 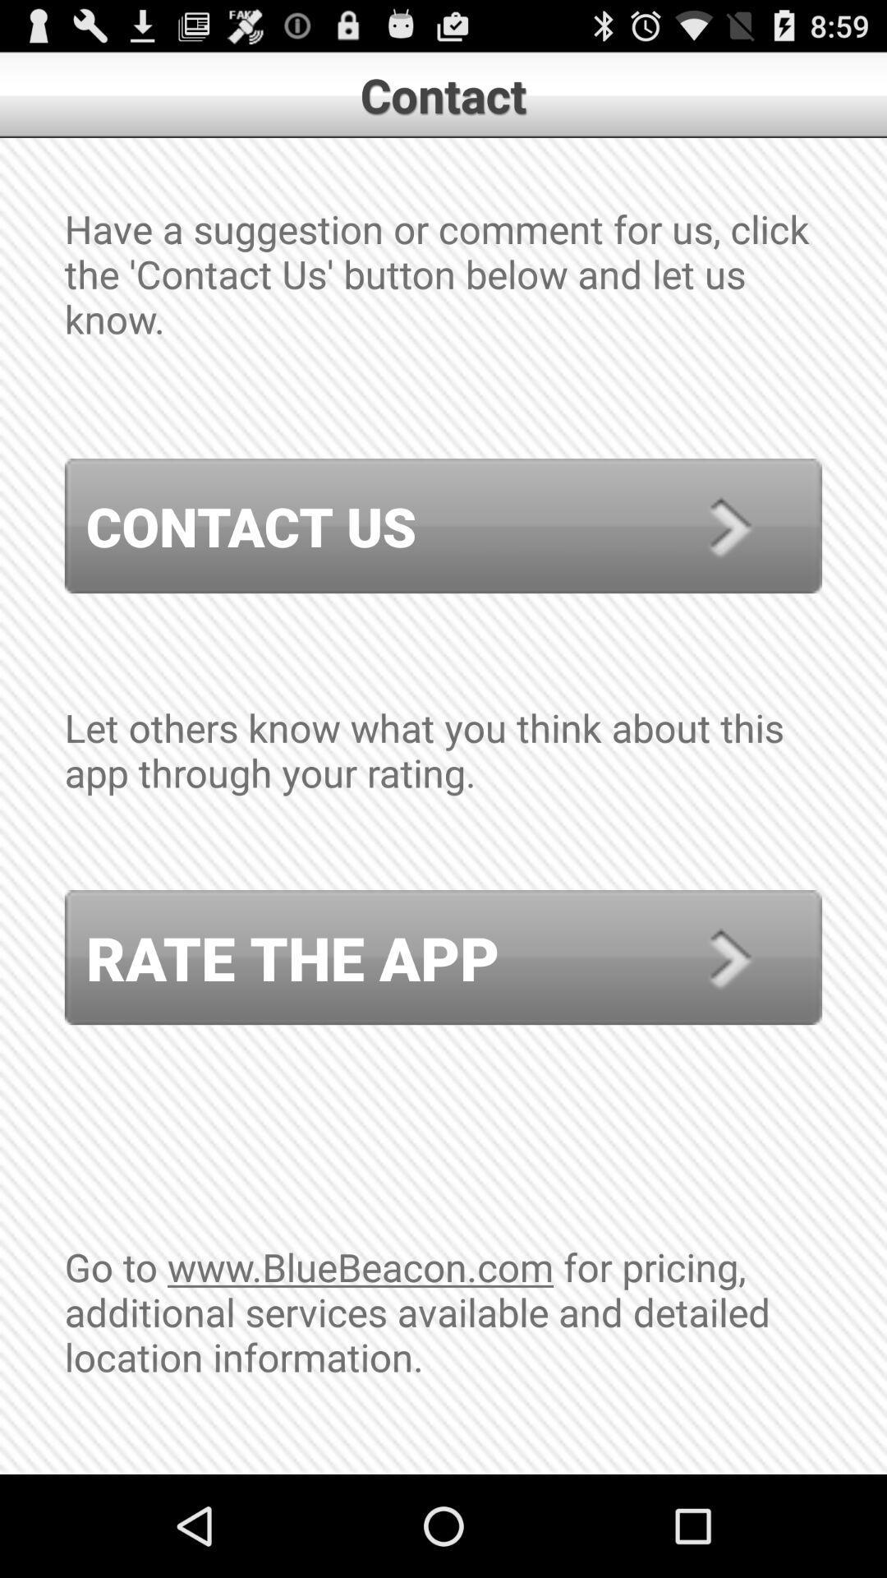 I want to click on the go to www item, so click(x=443, y=1357).